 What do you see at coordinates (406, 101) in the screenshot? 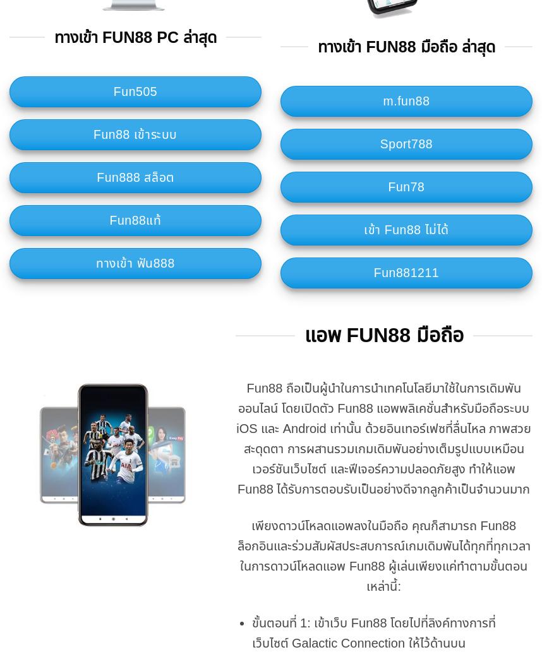
I see `'m.fun88'` at bounding box center [406, 101].